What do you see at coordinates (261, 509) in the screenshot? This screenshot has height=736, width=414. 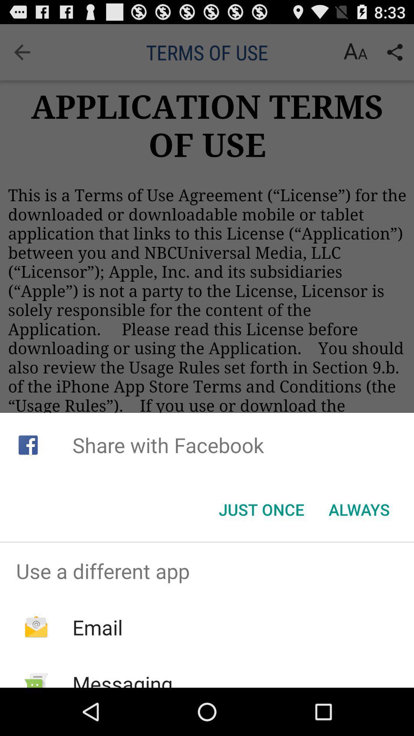 I see `the icon below share with facebook item` at bounding box center [261, 509].